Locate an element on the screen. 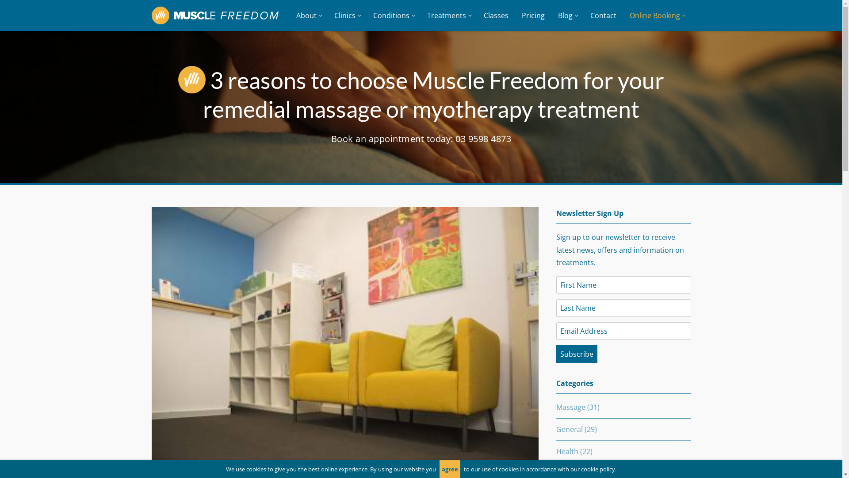  'Treatments' is located at coordinates (448, 15).